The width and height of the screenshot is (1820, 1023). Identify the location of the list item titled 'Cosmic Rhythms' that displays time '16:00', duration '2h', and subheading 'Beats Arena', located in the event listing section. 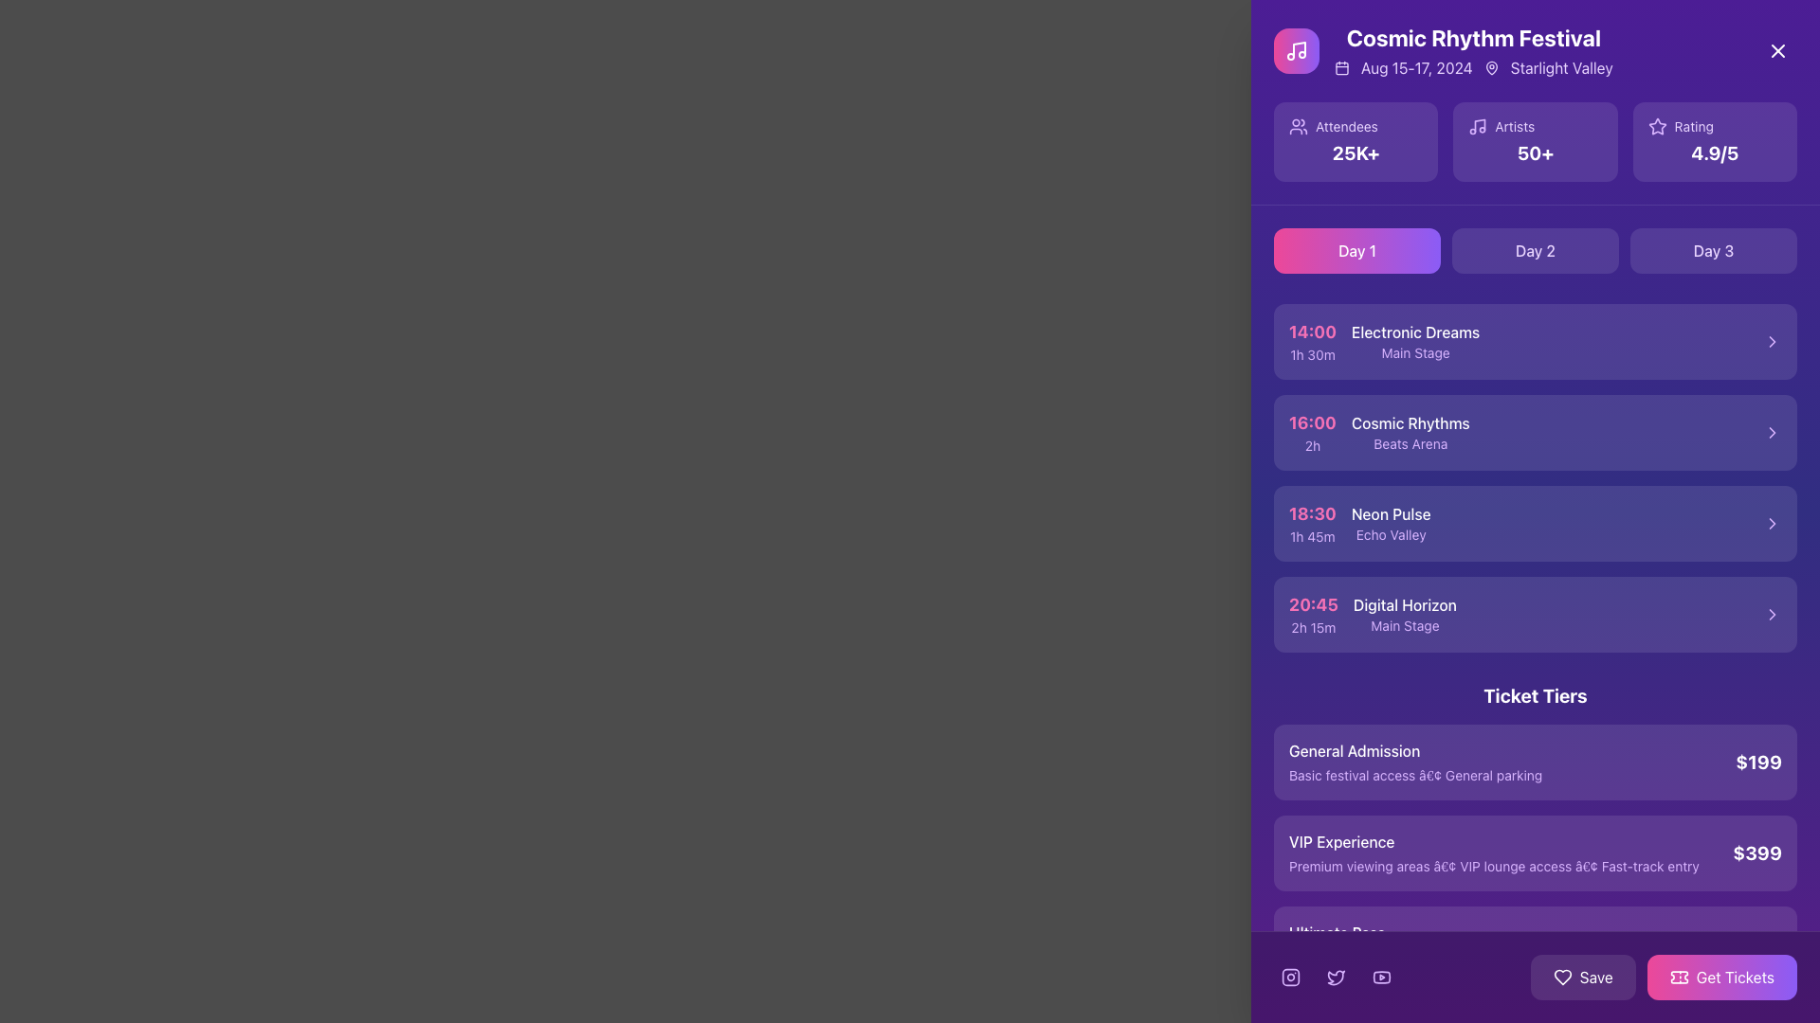
(1536, 432).